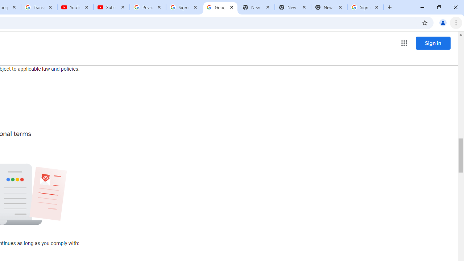 The height and width of the screenshot is (261, 464). What do you see at coordinates (328, 7) in the screenshot?
I see `'New Tab'` at bounding box center [328, 7].